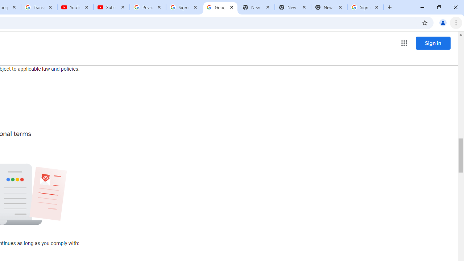 The height and width of the screenshot is (261, 464). What do you see at coordinates (328, 7) in the screenshot?
I see `'New Tab'` at bounding box center [328, 7].